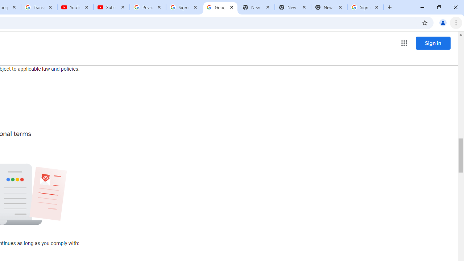 The height and width of the screenshot is (261, 464). What do you see at coordinates (328, 7) in the screenshot?
I see `'New Tab'` at bounding box center [328, 7].